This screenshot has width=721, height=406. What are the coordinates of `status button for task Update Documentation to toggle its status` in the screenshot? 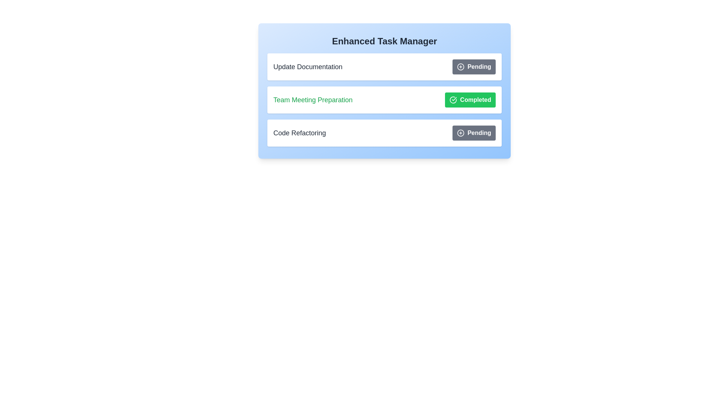 It's located at (474, 66).